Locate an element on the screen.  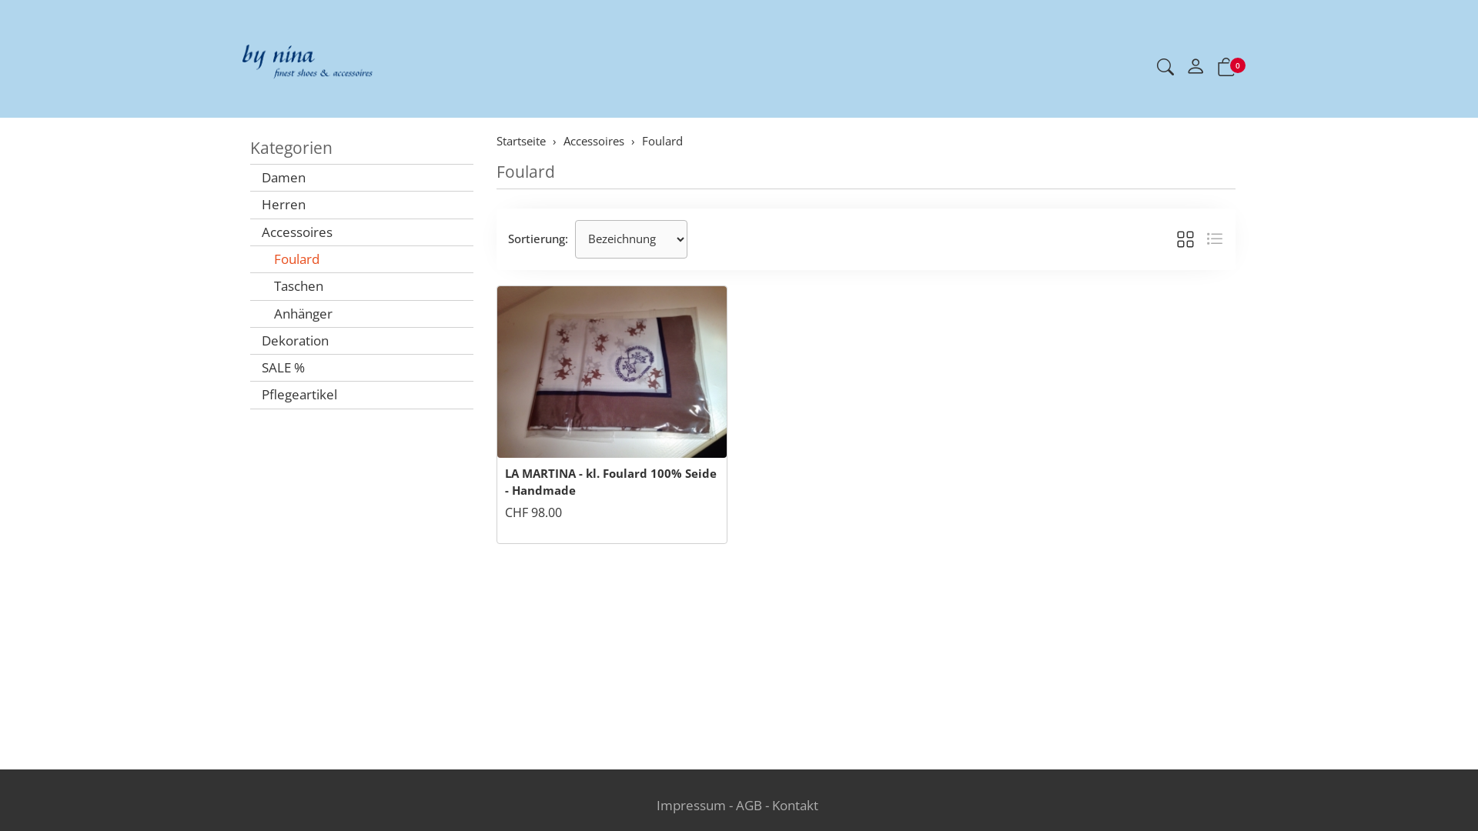
'Startseite' is located at coordinates (520, 140).